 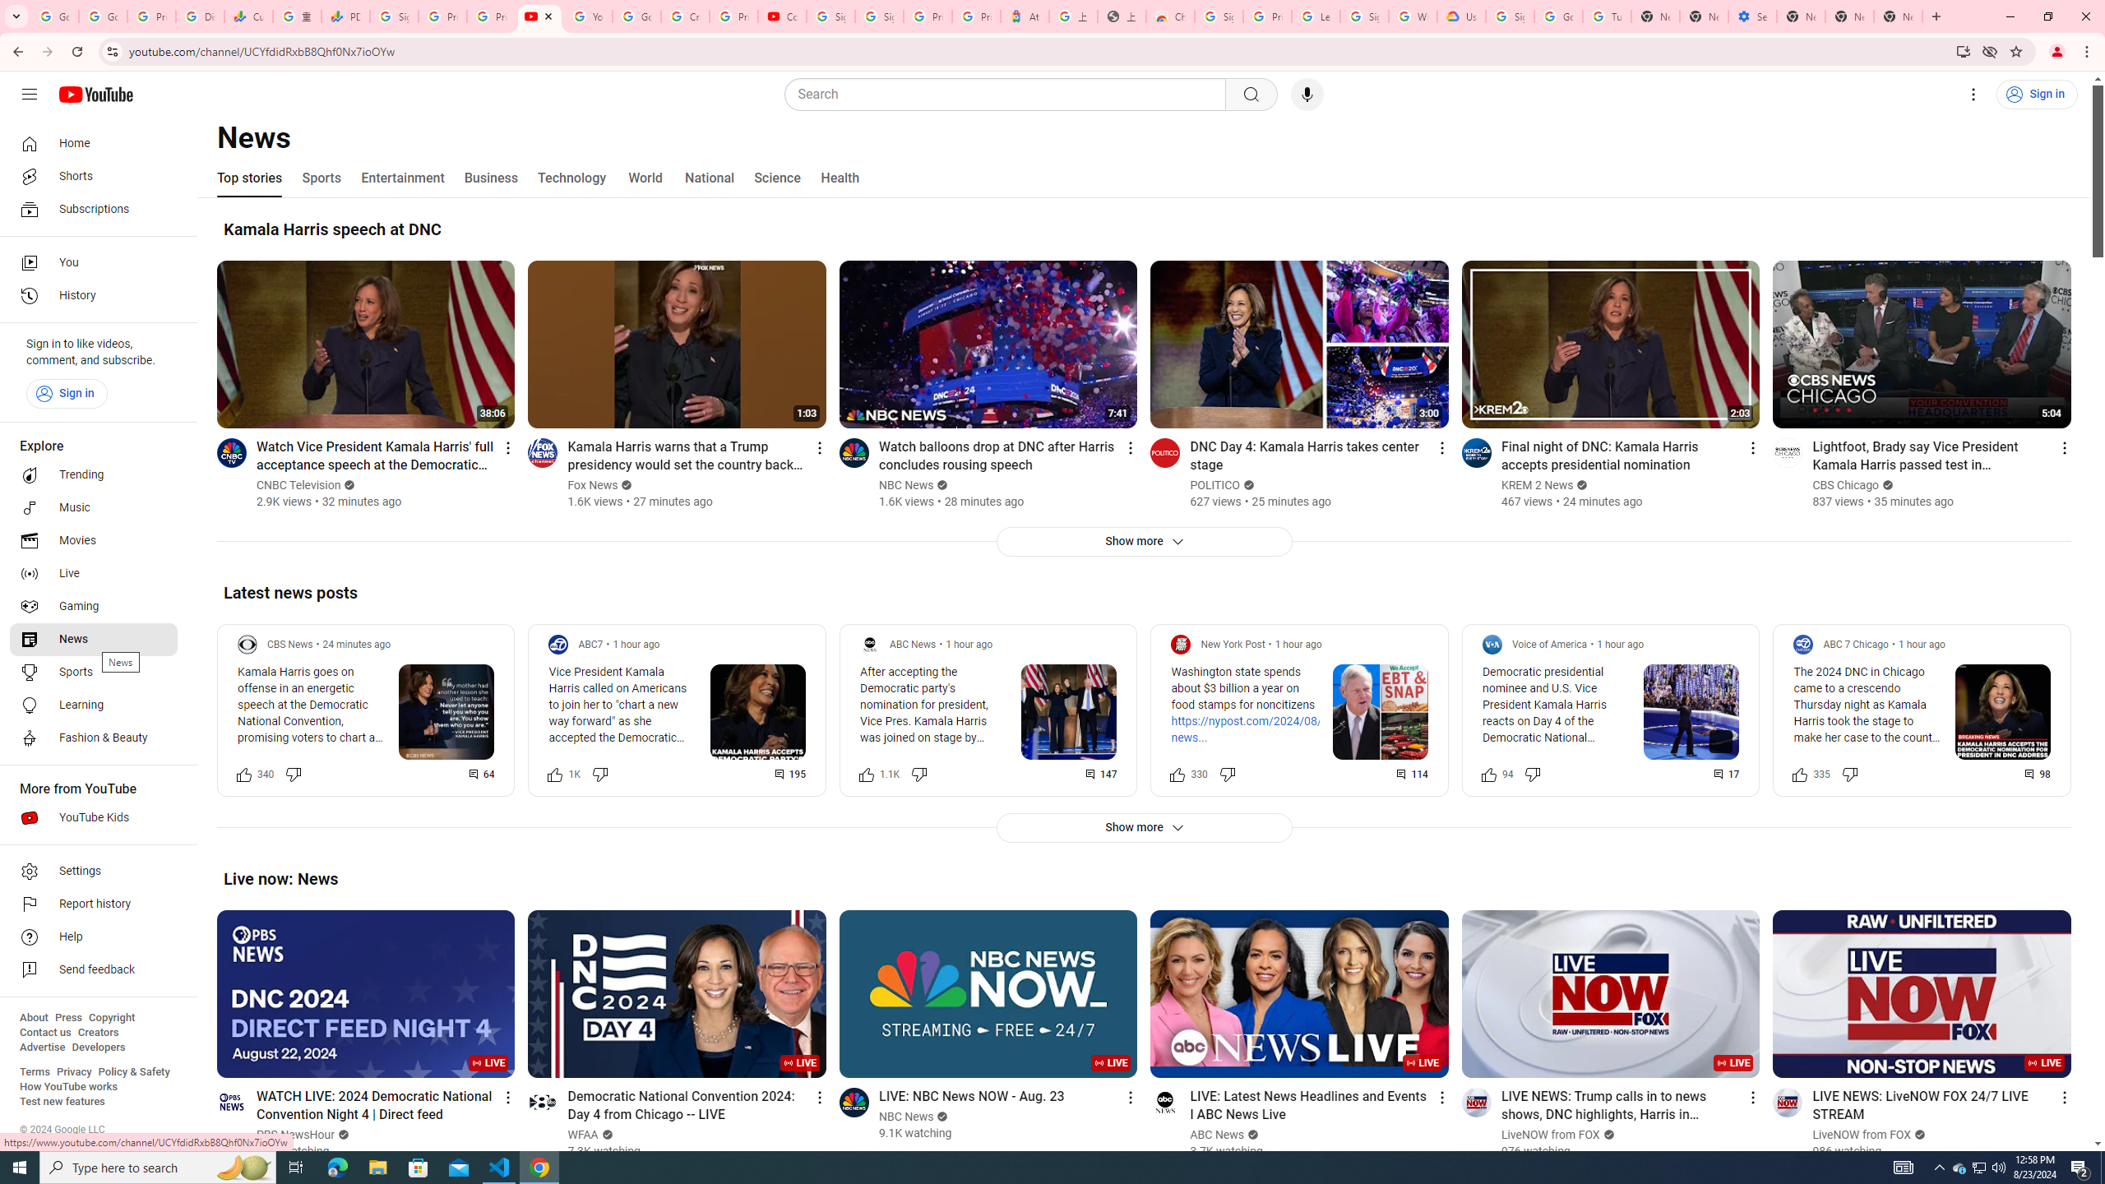 What do you see at coordinates (93, 904) in the screenshot?
I see `'Report history'` at bounding box center [93, 904].